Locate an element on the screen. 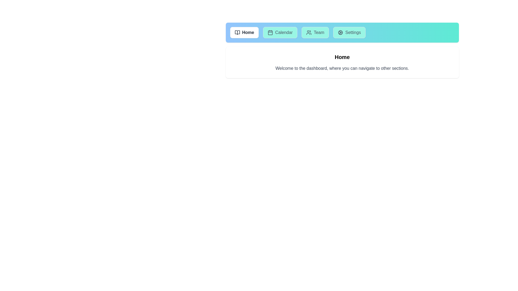 This screenshot has height=291, width=518. the tab labeled Home to observe its hover effect is located at coordinates (244, 32).